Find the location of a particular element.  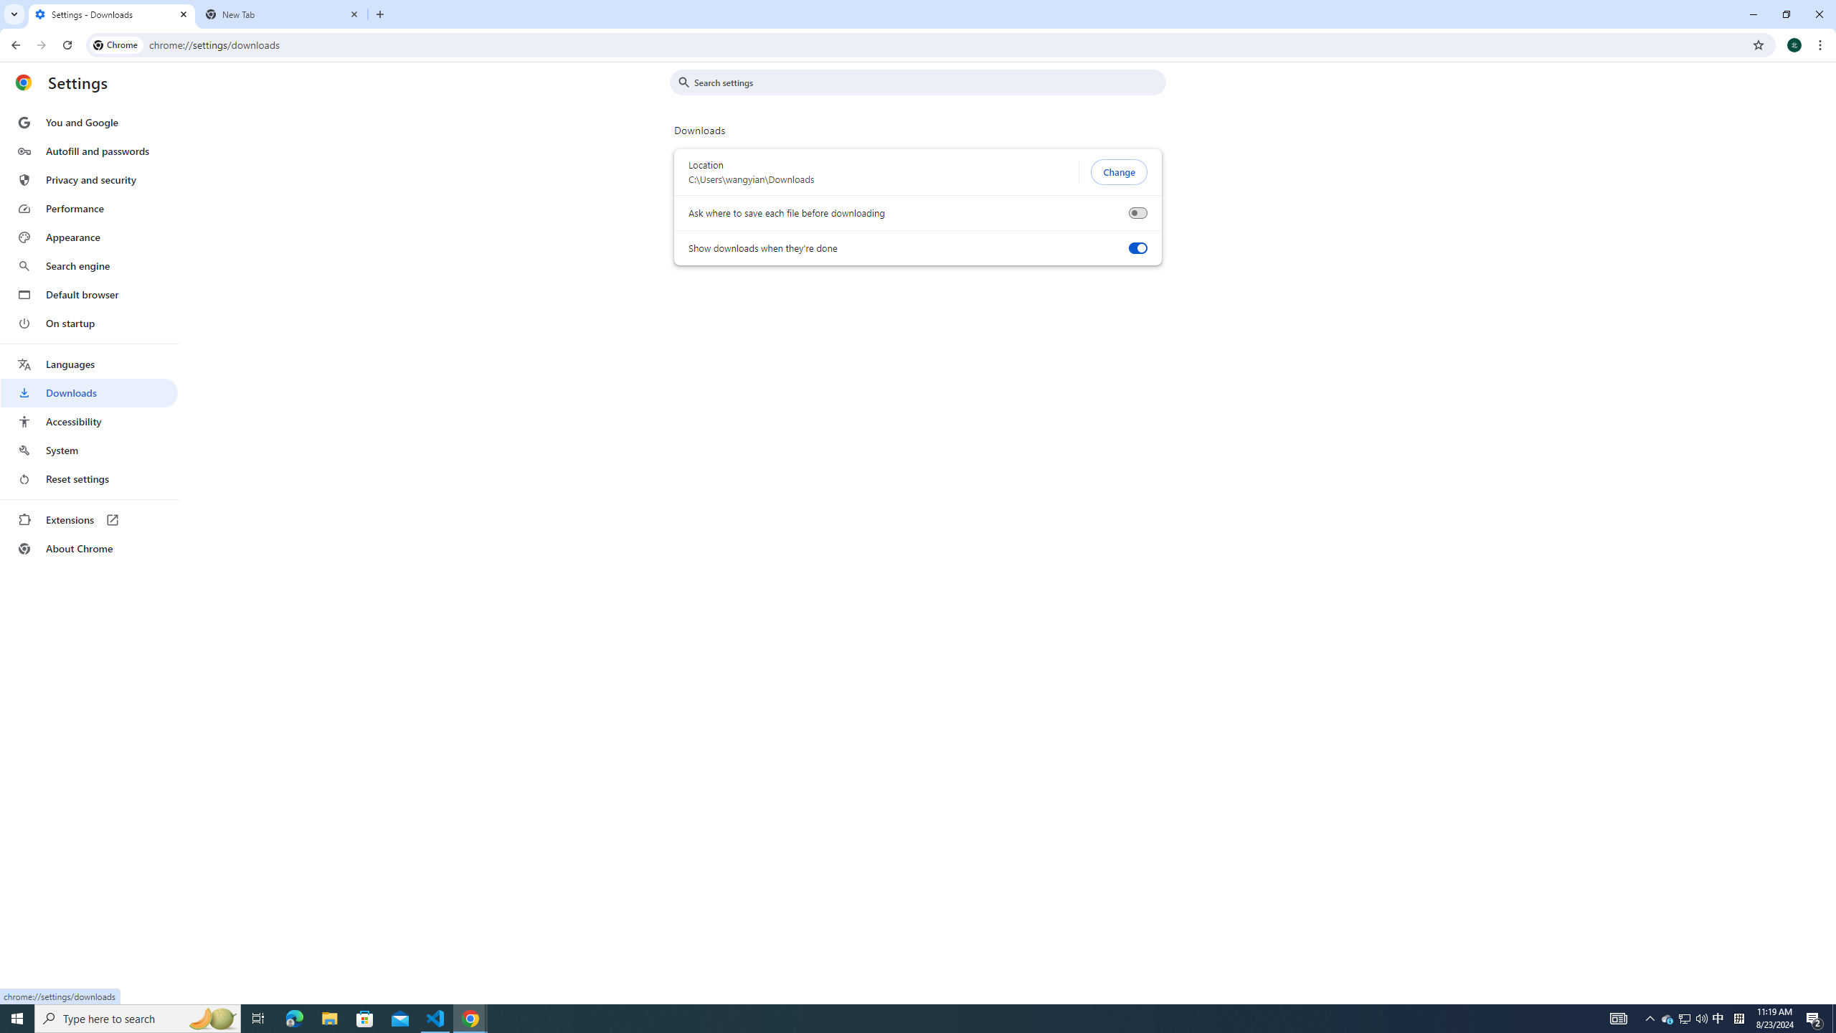

'Ask where to save each file before downloading' is located at coordinates (1137, 212).